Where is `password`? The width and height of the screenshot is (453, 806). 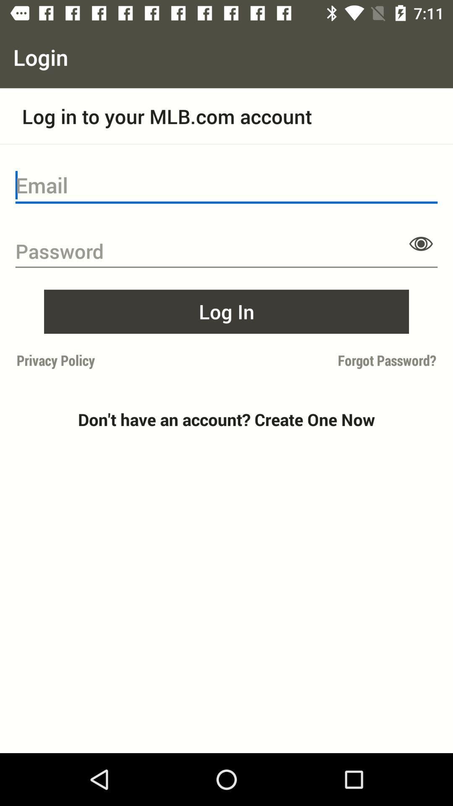
password is located at coordinates (421, 243).